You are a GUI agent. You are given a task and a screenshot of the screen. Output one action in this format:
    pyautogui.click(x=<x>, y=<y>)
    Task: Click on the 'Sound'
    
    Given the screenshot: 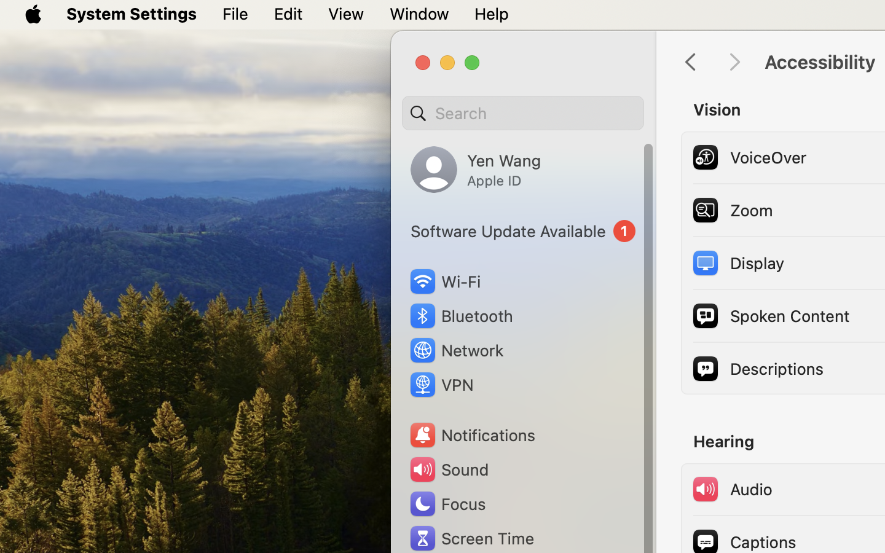 What is the action you would take?
    pyautogui.click(x=447, y=469)
    